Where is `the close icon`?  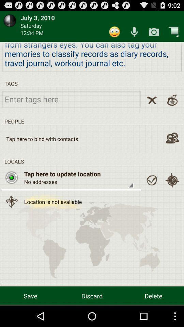 the close icon is located at coordinates (152, 107).